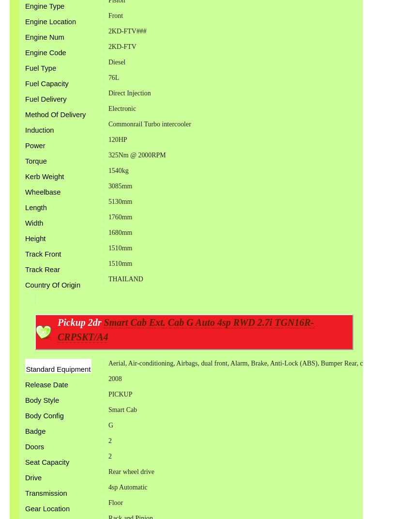  I want to click on 'Torque', so click(35, 160).